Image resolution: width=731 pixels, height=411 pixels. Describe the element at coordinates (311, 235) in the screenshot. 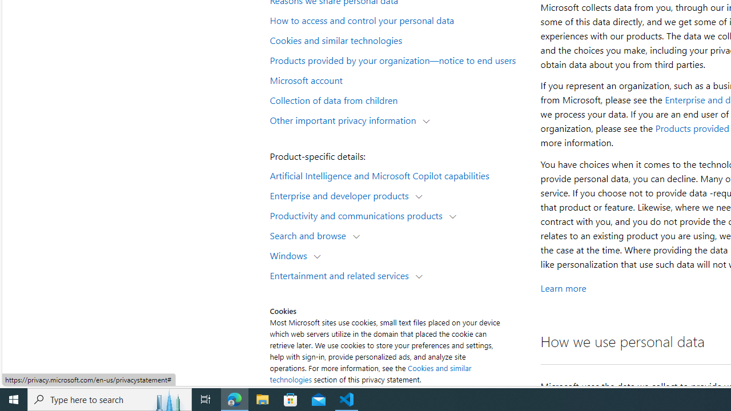

I see `'Search and browse'` at that location.